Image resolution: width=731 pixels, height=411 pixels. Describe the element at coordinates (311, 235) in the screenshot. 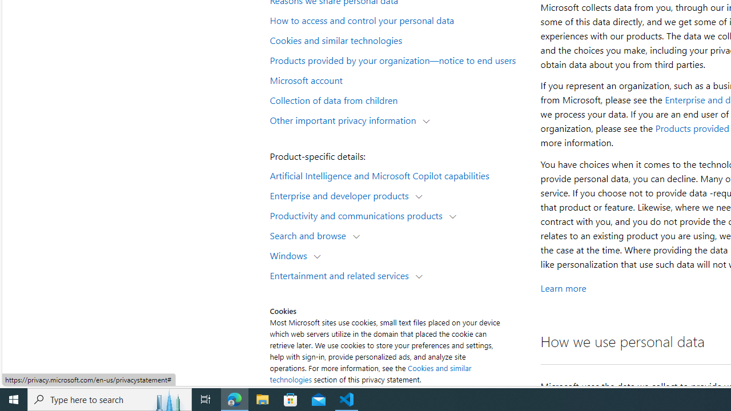

I see `'Search and browse'` at that location.